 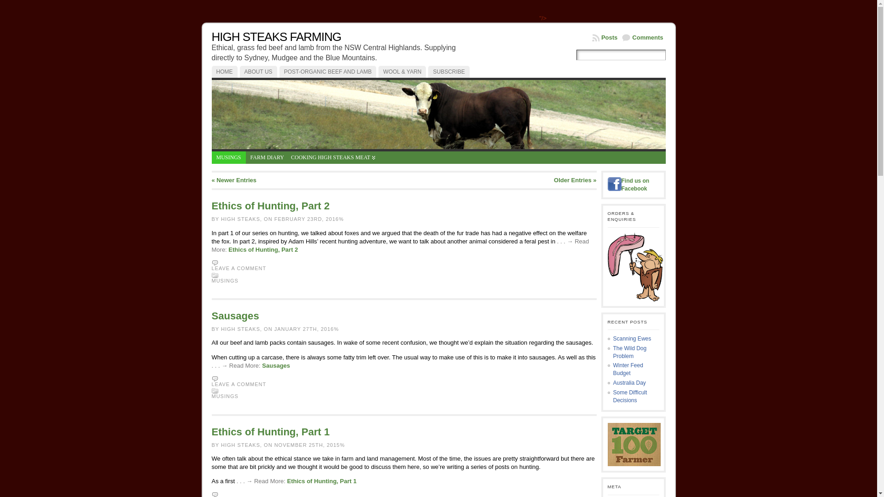 What do you see at coordinates (211, 432) in the screenshot?
I see `'Ethics of Hunting, Part 1'` at bounding box center [211, 432].